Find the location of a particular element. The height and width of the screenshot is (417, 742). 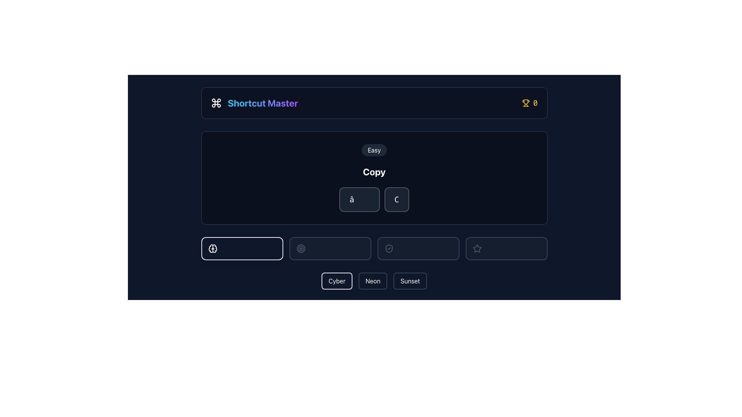

the bold yellow text label displaying the number '0', which is located next to a yellow trophy icon in the header area of the interface is located at coordinates (535, 102).